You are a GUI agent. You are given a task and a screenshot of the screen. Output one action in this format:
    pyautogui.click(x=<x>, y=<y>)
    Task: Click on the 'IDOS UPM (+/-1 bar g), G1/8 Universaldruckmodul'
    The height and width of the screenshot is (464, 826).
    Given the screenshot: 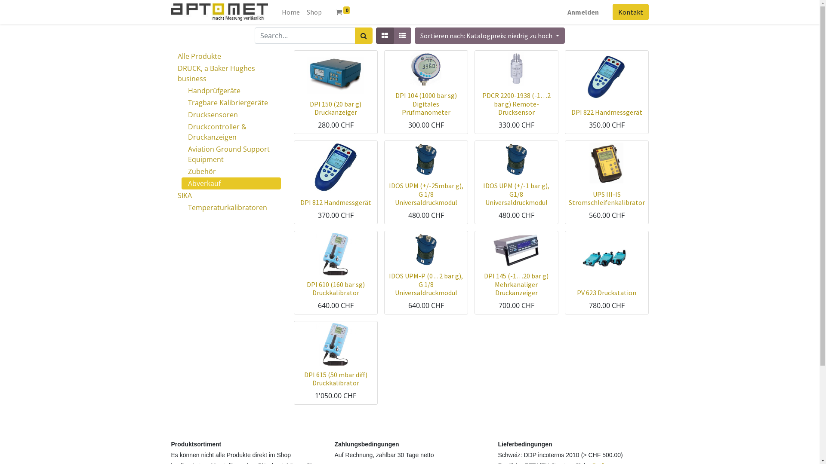 What is the action you would take?
    pyautogui.click(x=516, y=194)
    